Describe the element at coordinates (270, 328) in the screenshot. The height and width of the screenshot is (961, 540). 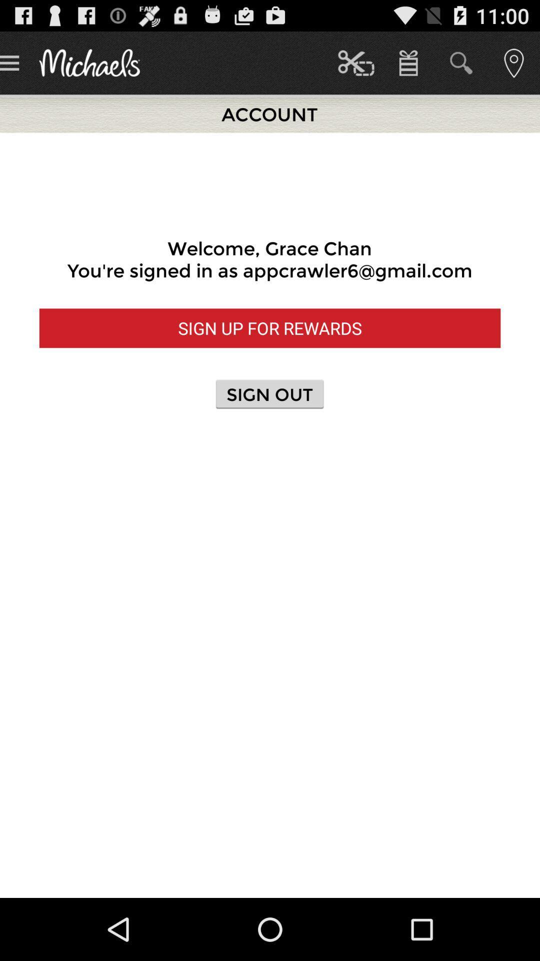
I see `app below the you re signed item` at that location.